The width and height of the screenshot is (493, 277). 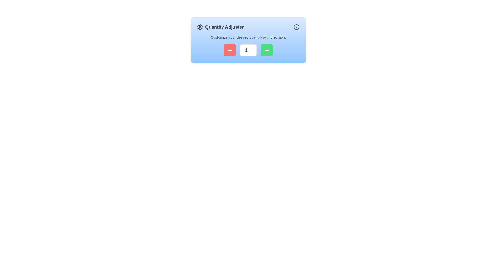 What do you see at coordinates (229, 50) in the screenshot?
I see `the red square button with rounded corners and a white minus icon to decrease a value` at bounding box center [229, 50].